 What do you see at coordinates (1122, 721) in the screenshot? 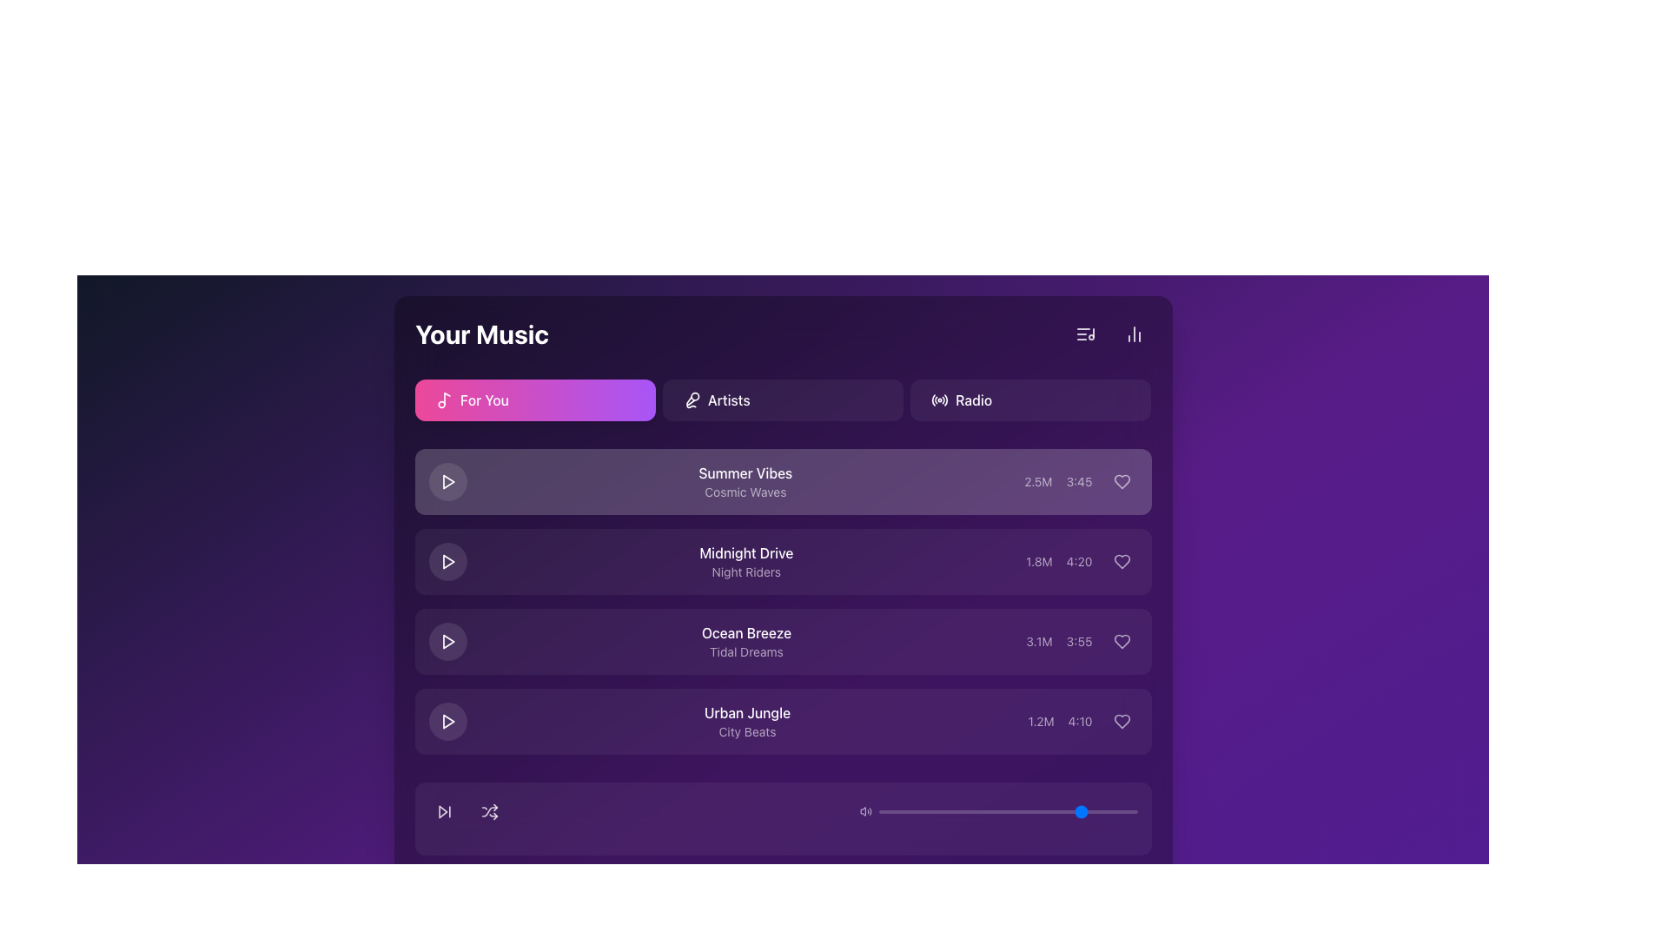
I see `the Icon button (heart symbol) located in the last row of the listed songs, adjacent to the details of 'Urban Jungle' by 'City Beats'` at bounding box center [1122, 721].